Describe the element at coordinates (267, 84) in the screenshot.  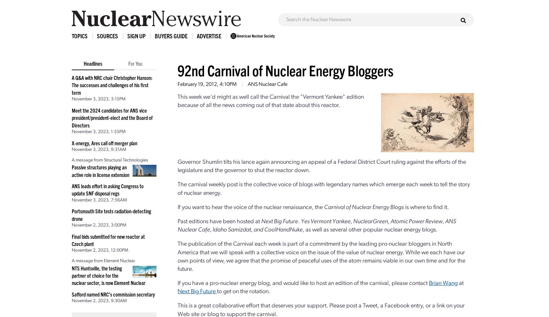
I see `'ANS Nuclear Cafe'` at that location.